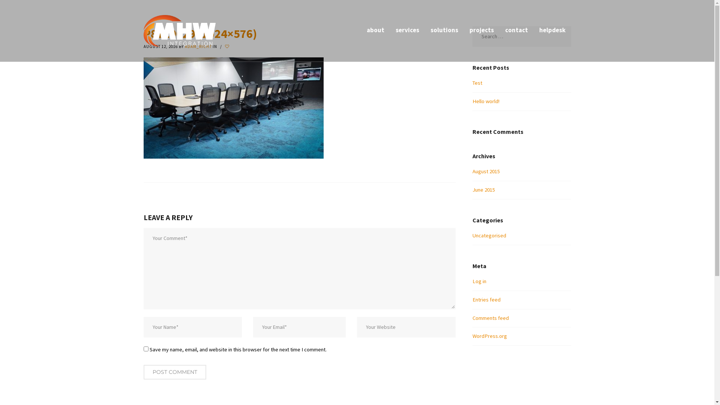  Describe the element at coordinates (489, 235) in the screenshot. I see `'Uncategorised'` at that location.